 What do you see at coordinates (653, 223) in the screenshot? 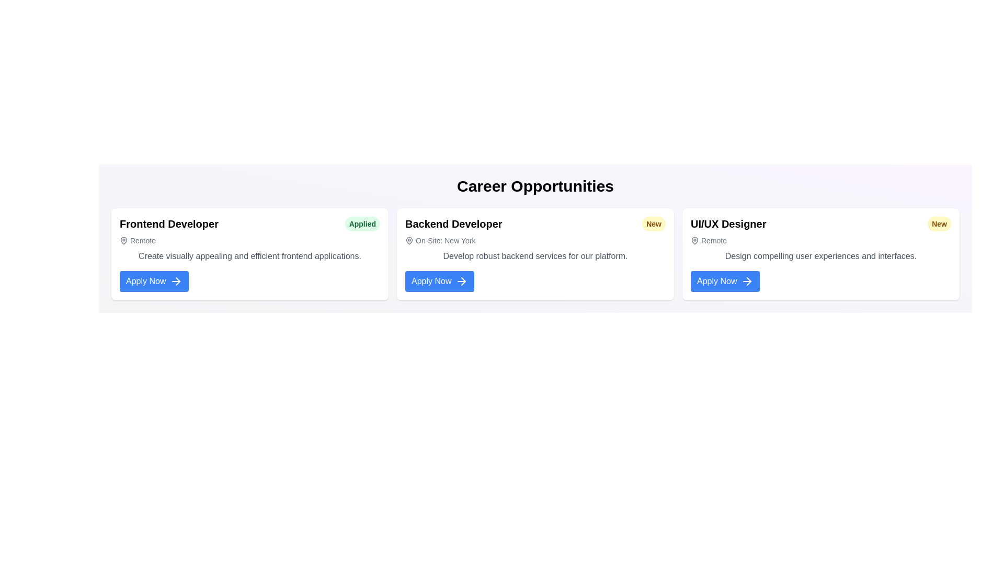
I see `the new job post badge located at the top-right corner of the 'Backend Developer' card` at bounding box center [653, 223].